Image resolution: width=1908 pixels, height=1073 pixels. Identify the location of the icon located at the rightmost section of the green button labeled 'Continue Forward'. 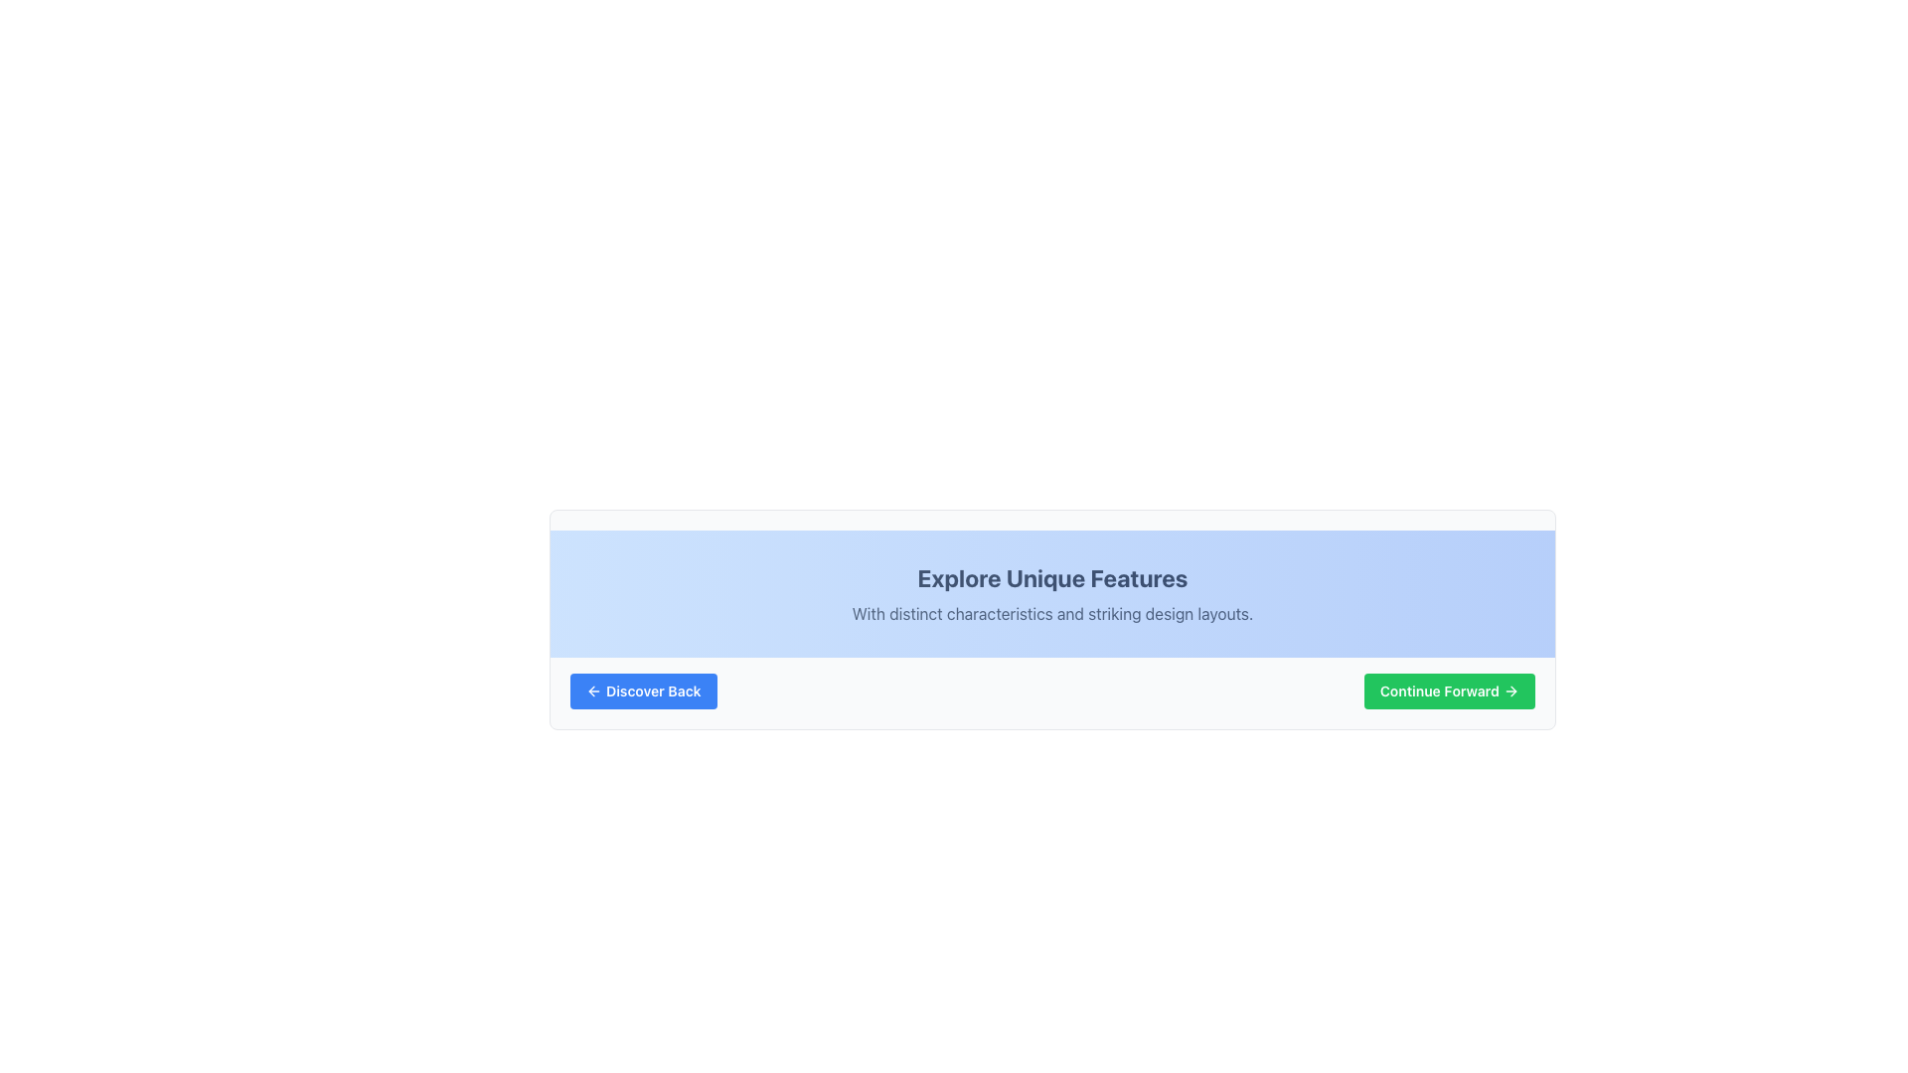
(1510, 690).